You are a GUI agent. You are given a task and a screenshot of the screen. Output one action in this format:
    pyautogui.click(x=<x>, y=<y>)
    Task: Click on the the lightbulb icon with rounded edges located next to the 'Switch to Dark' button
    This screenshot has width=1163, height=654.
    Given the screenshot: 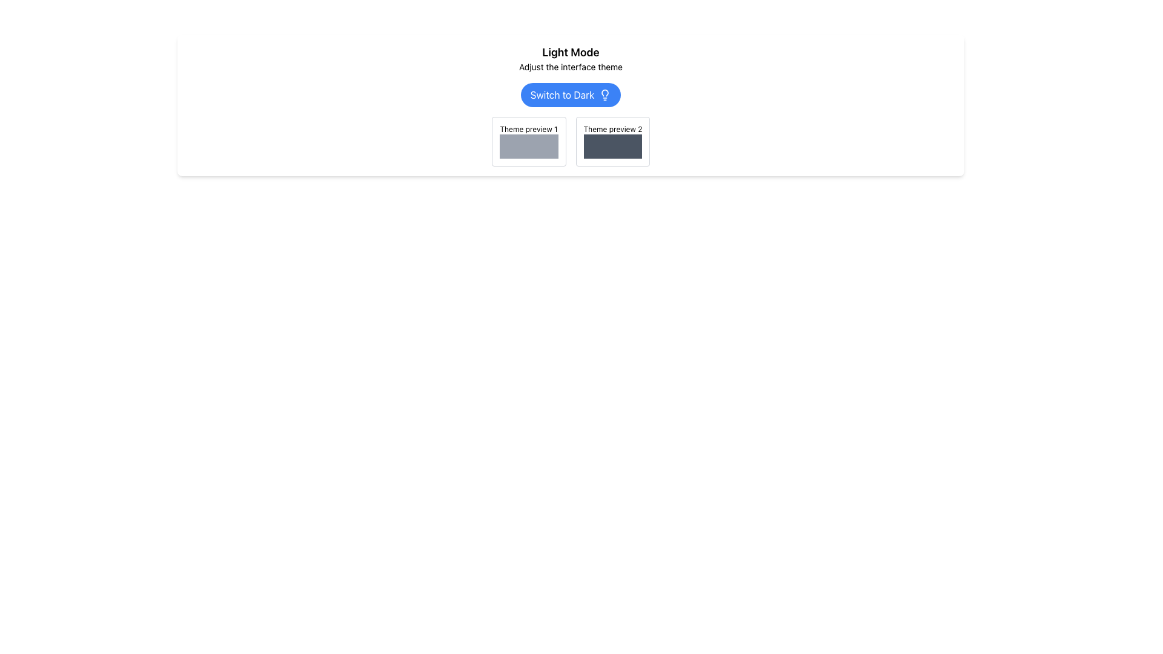 What is the action you would take?
    pyautogui.click(x=605, y=94)
    